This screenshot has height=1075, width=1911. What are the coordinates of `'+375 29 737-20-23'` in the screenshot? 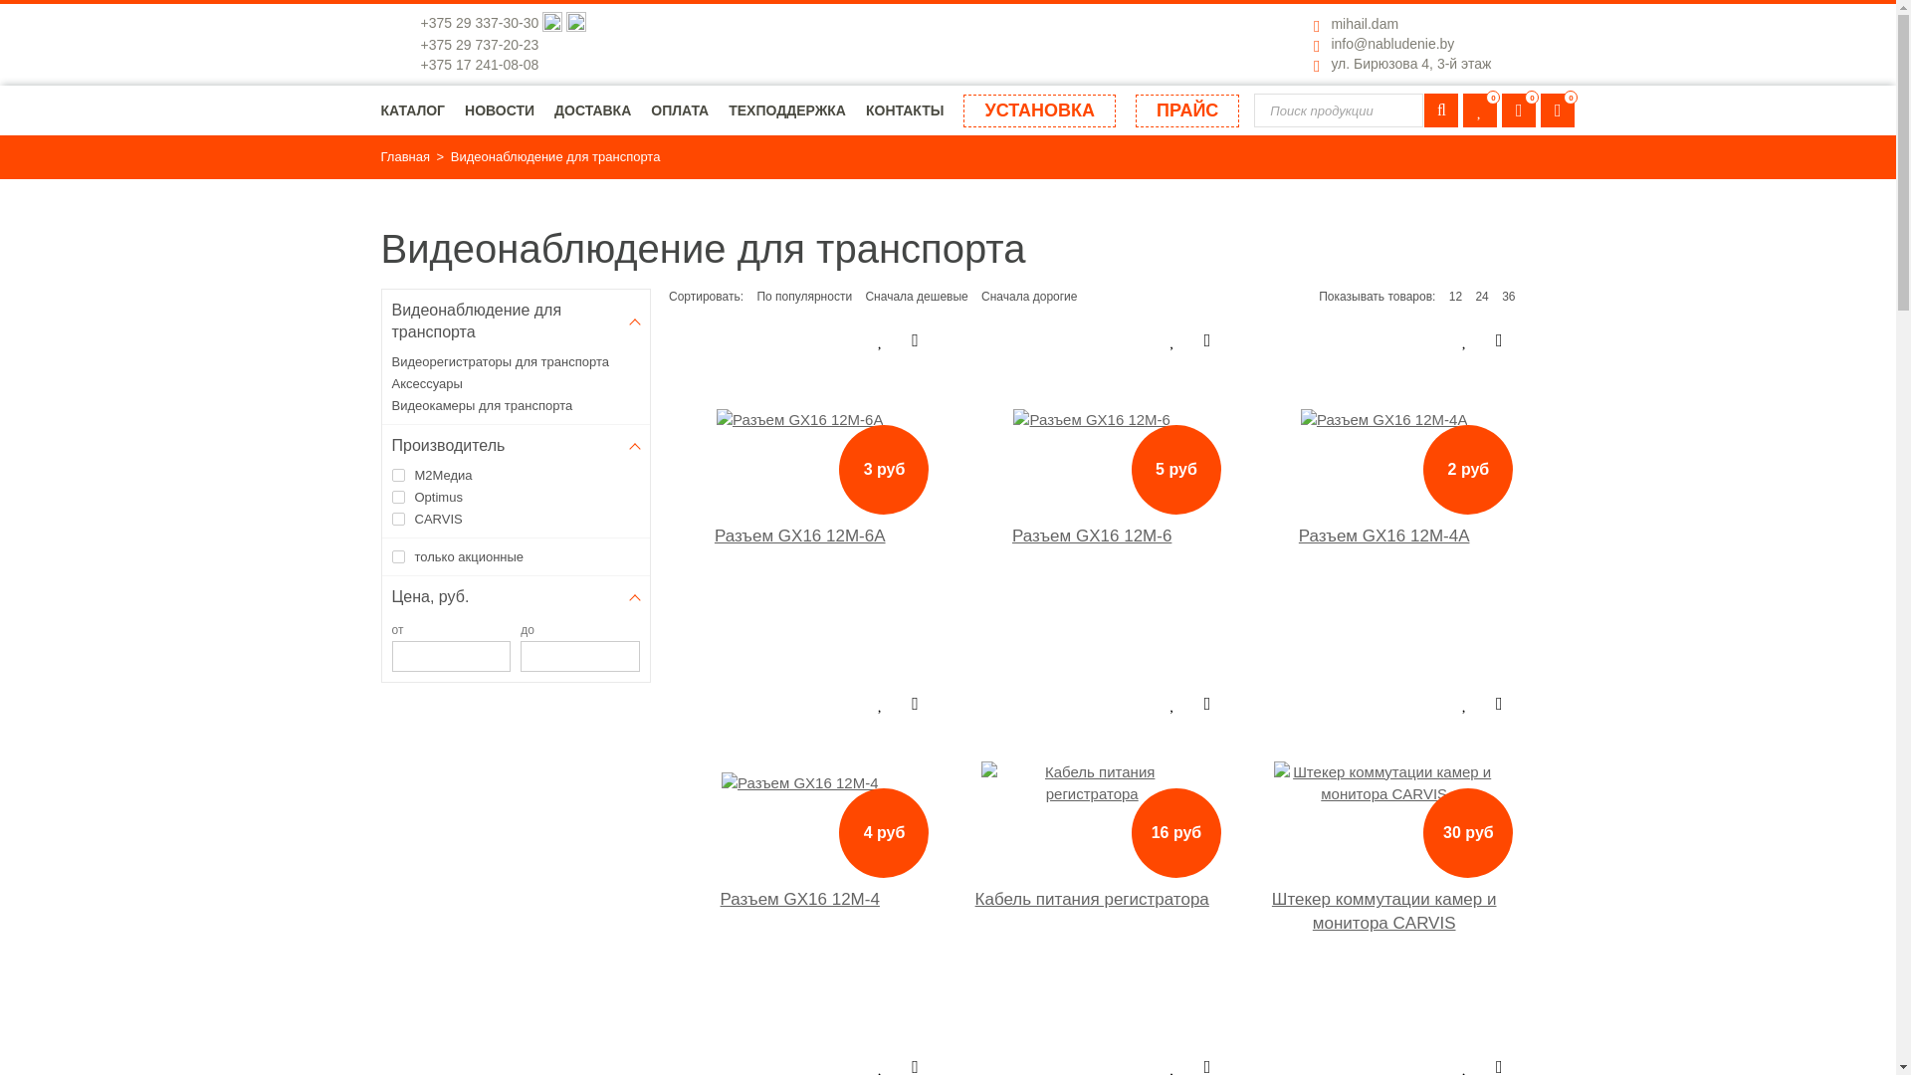 It's located at (479, 45).